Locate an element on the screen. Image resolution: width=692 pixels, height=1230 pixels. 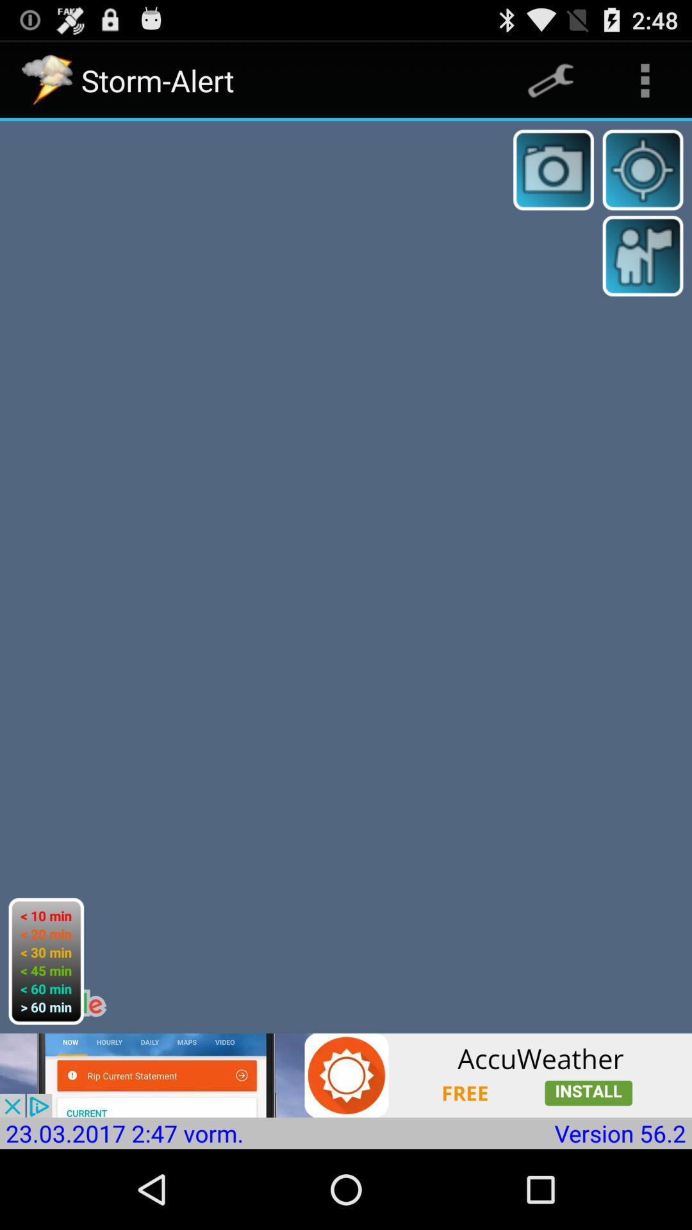
camera is located at coordinates (553, 169).